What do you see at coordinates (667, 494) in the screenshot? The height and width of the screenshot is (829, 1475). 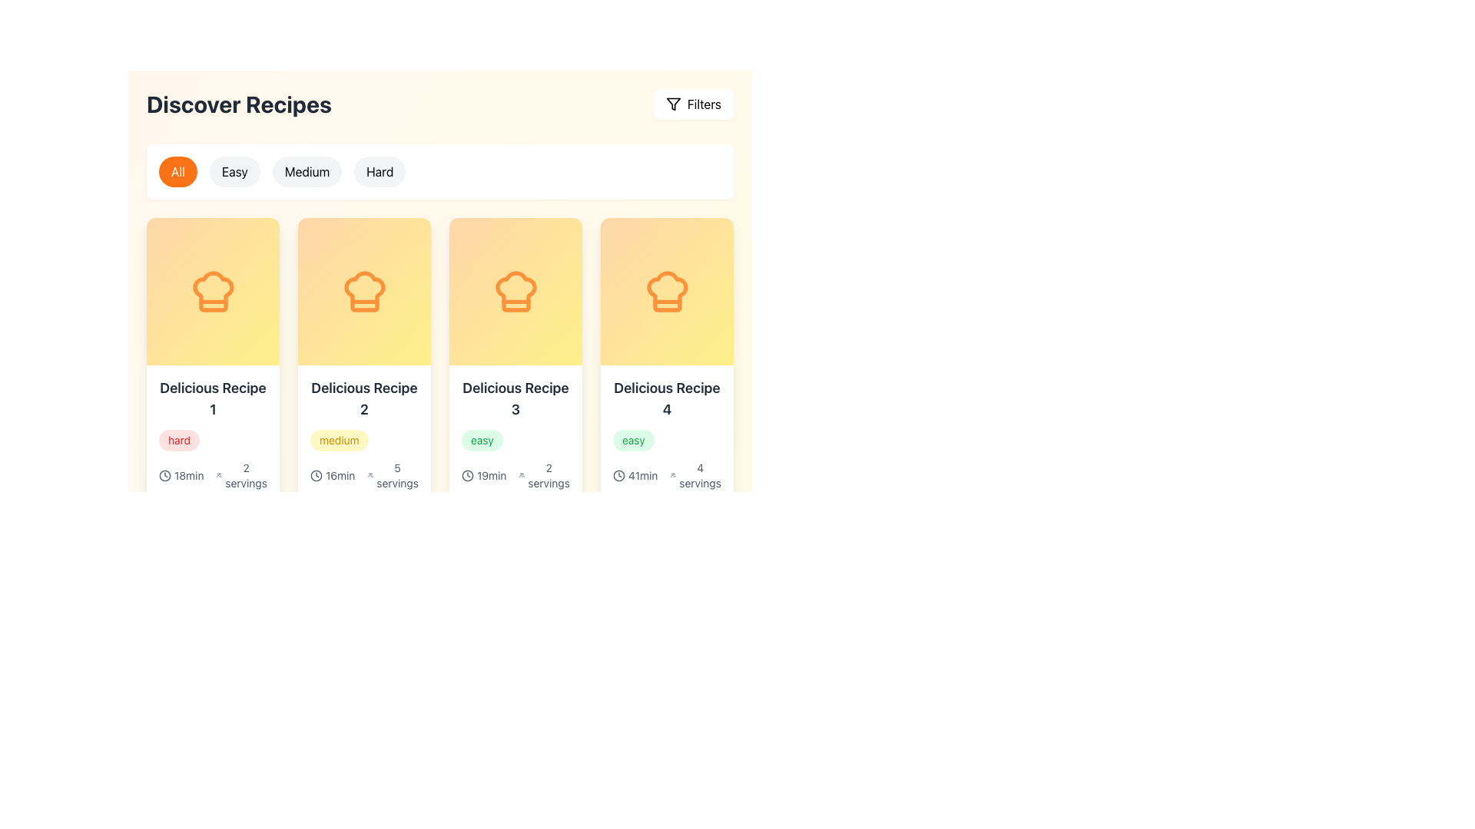 I see `the informational display in the lower right part of the 'Delicious Recipe 4' card` at bounding box center [667, 494].